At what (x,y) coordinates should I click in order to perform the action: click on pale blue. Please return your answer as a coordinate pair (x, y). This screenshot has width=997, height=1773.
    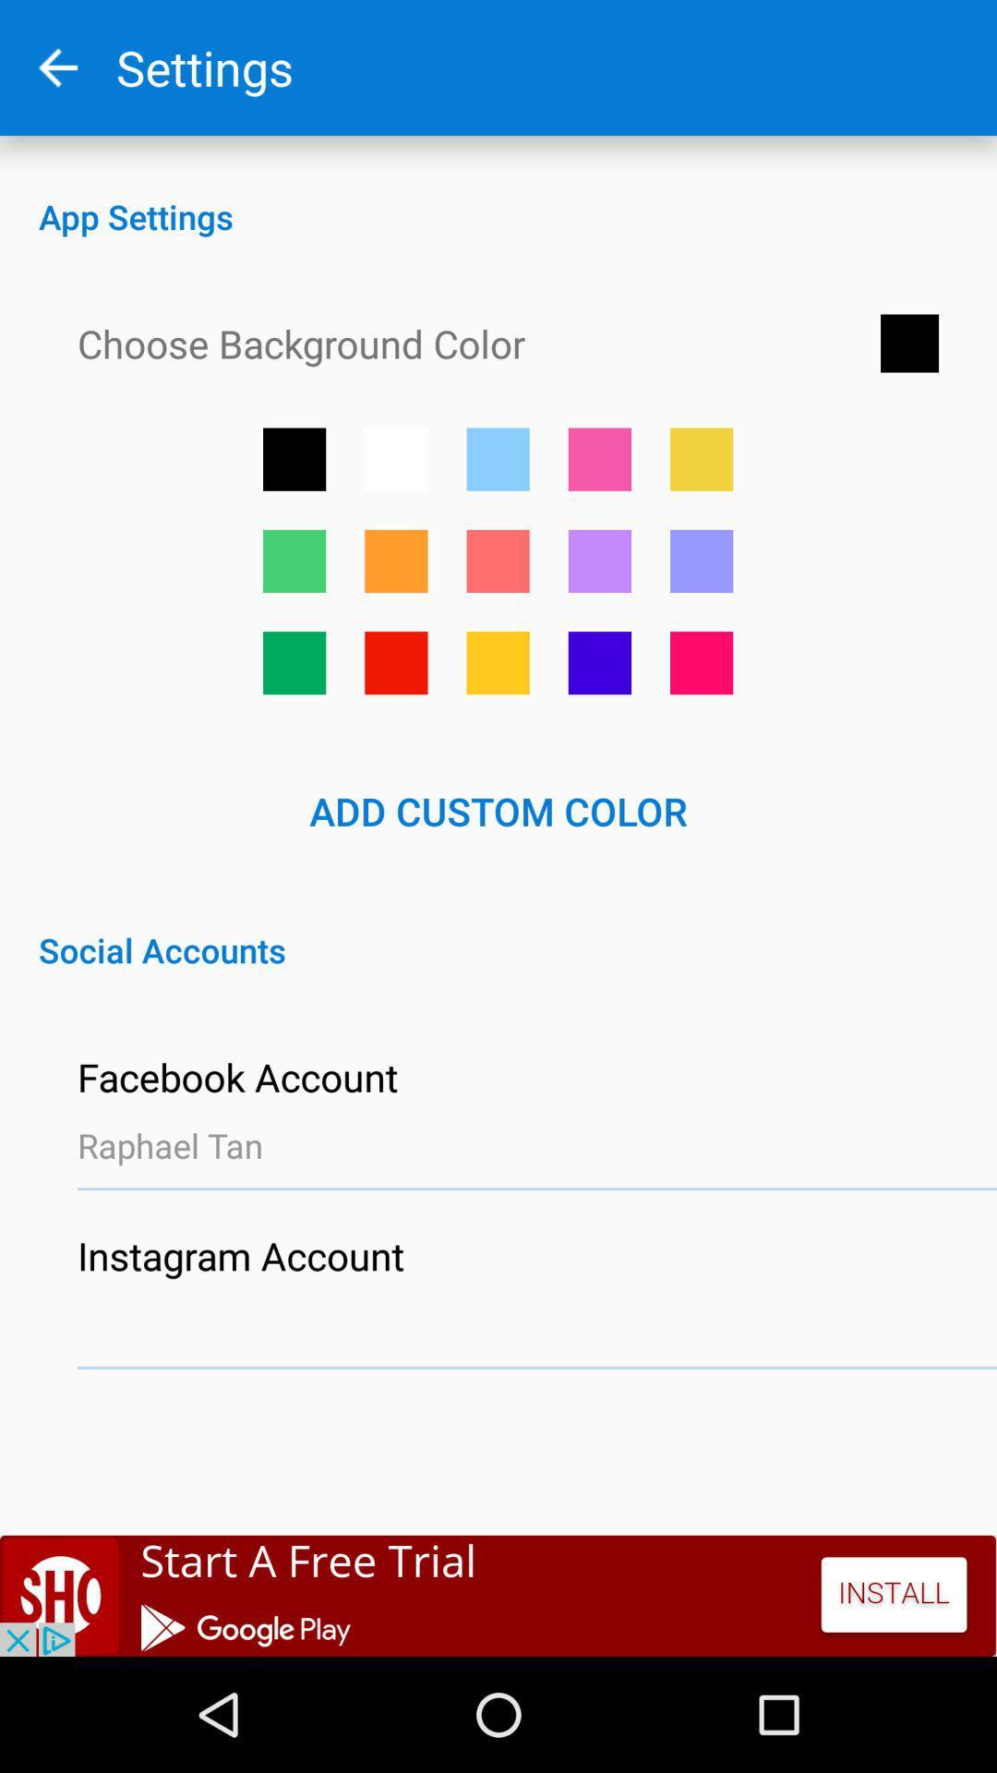
    Looking at the image, I should click on (702, 560).